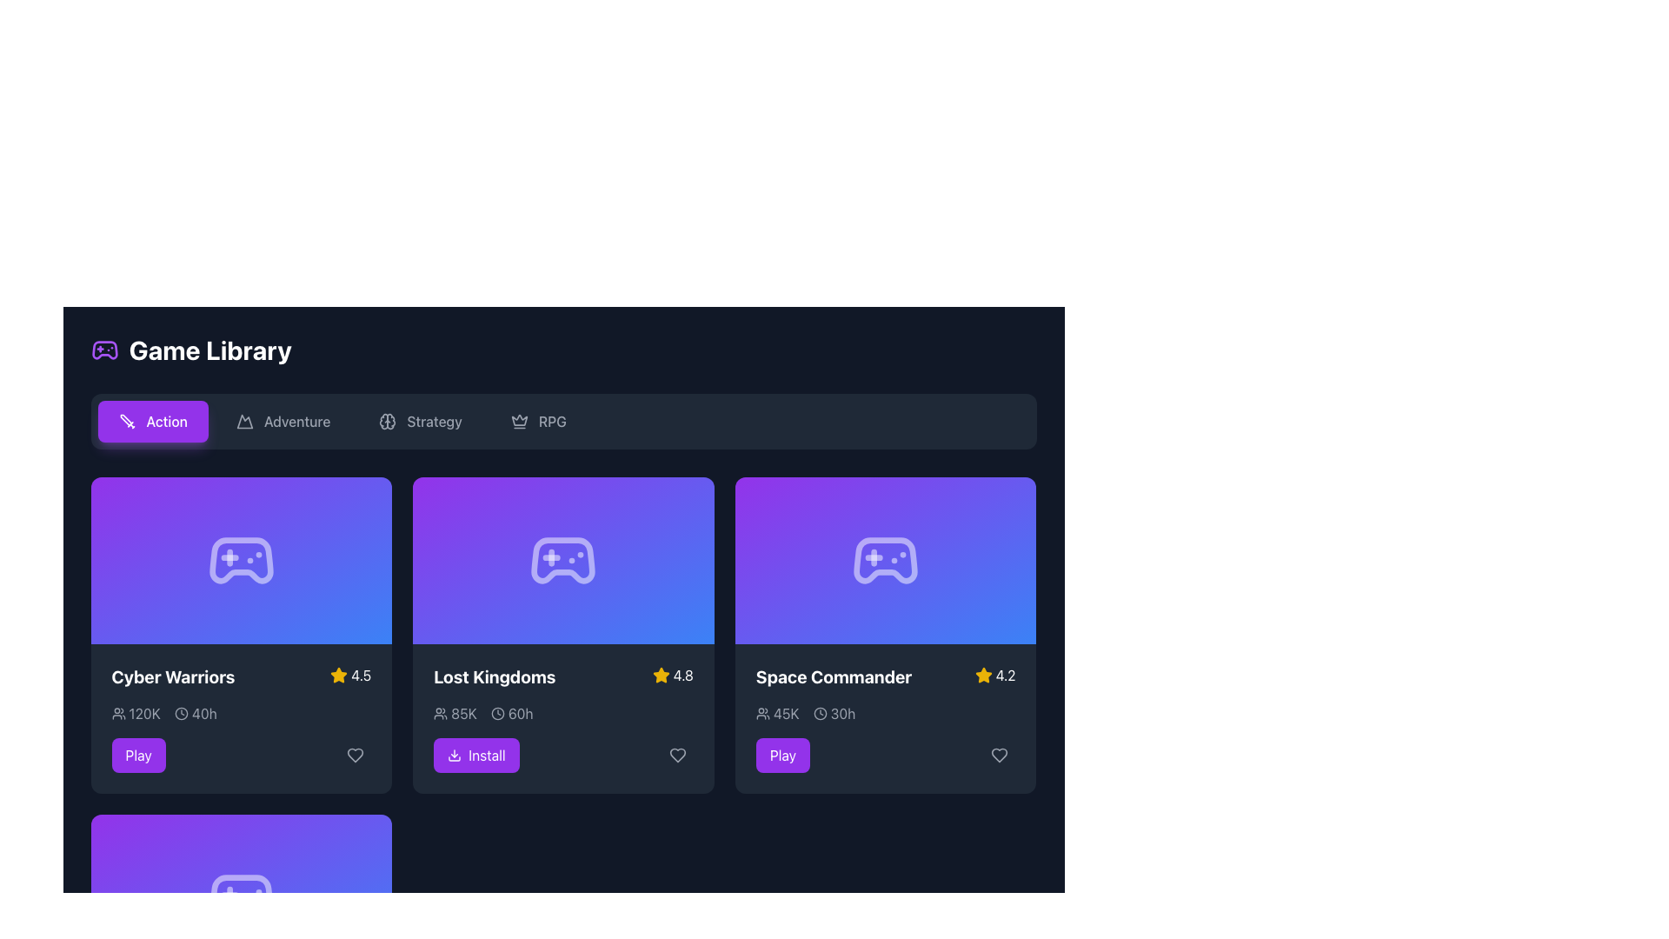 The width and height of the screenshot is (1669, 939). Describe the element at coordinates (421, 422) in the screenshot. I see `the 'Strategy' button, which is a horizontal button with a gray label and a brain icon, located in the row of category buttons between 'Adventure' and 'RPG'` at that location.